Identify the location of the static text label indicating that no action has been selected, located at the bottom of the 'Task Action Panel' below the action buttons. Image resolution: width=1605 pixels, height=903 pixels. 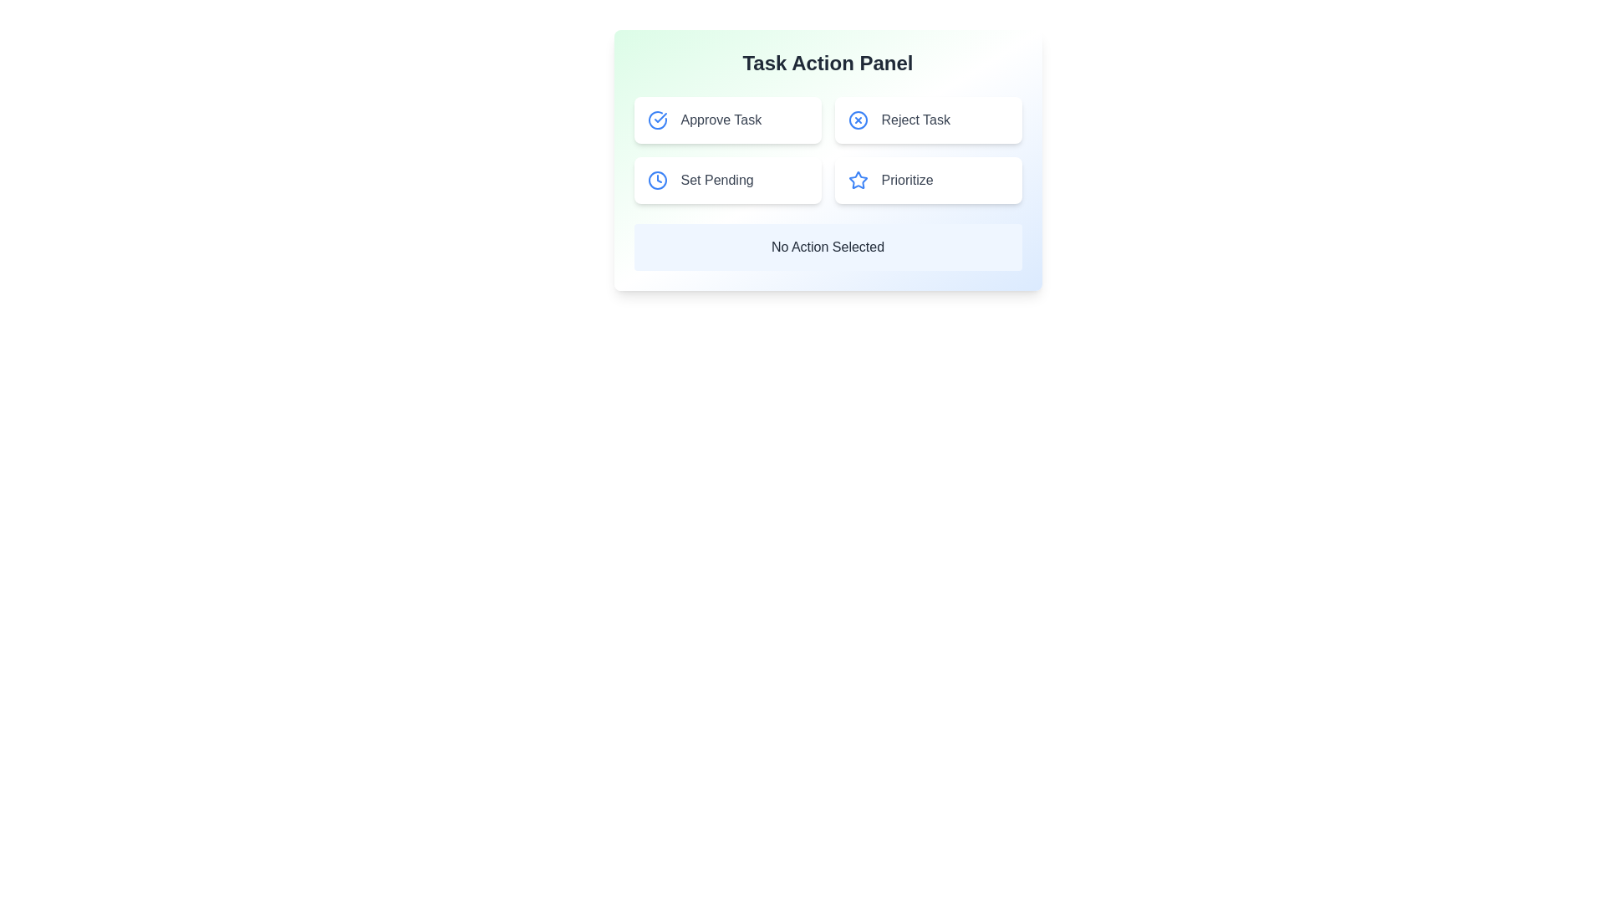
(828, 247).